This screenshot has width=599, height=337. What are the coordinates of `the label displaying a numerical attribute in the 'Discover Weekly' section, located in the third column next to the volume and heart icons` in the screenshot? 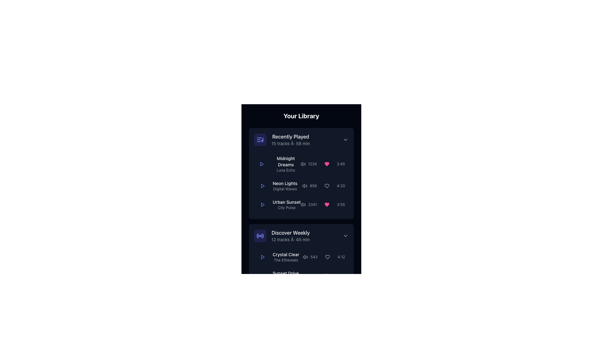 It's located at (314, 257).